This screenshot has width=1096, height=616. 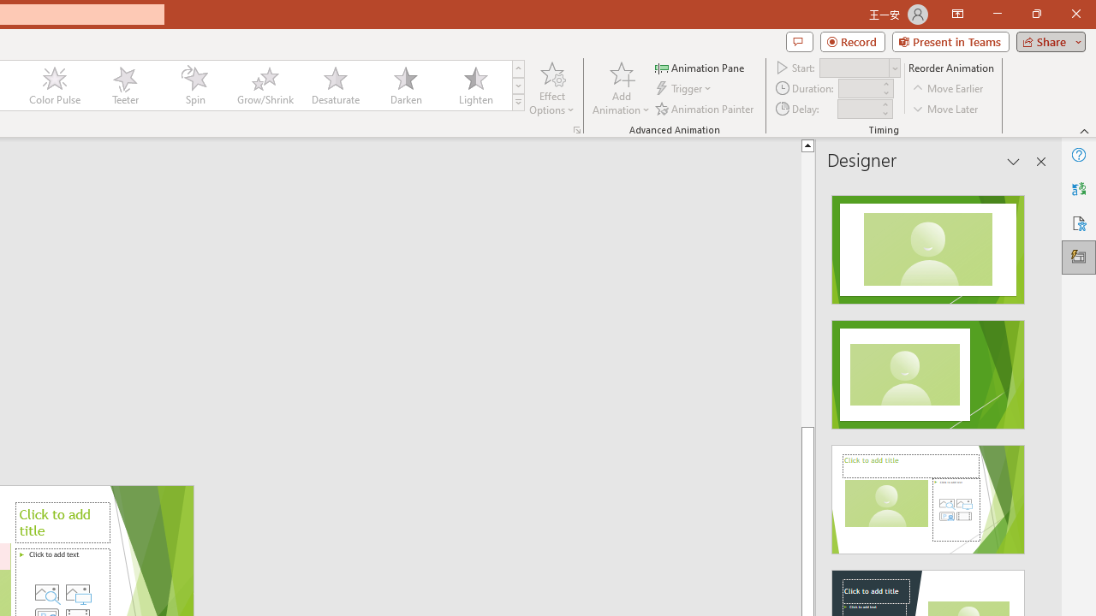 What do you see at coordinates (1046, 40) in the screenshot?
I see `'Share'` at bounding box center [1046, 40].